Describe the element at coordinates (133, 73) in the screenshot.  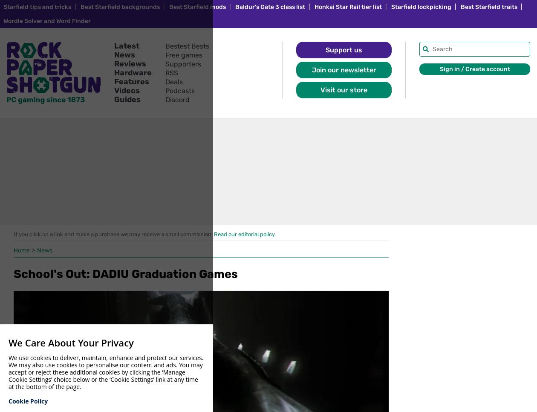
I see `'Hardware'` at that location.